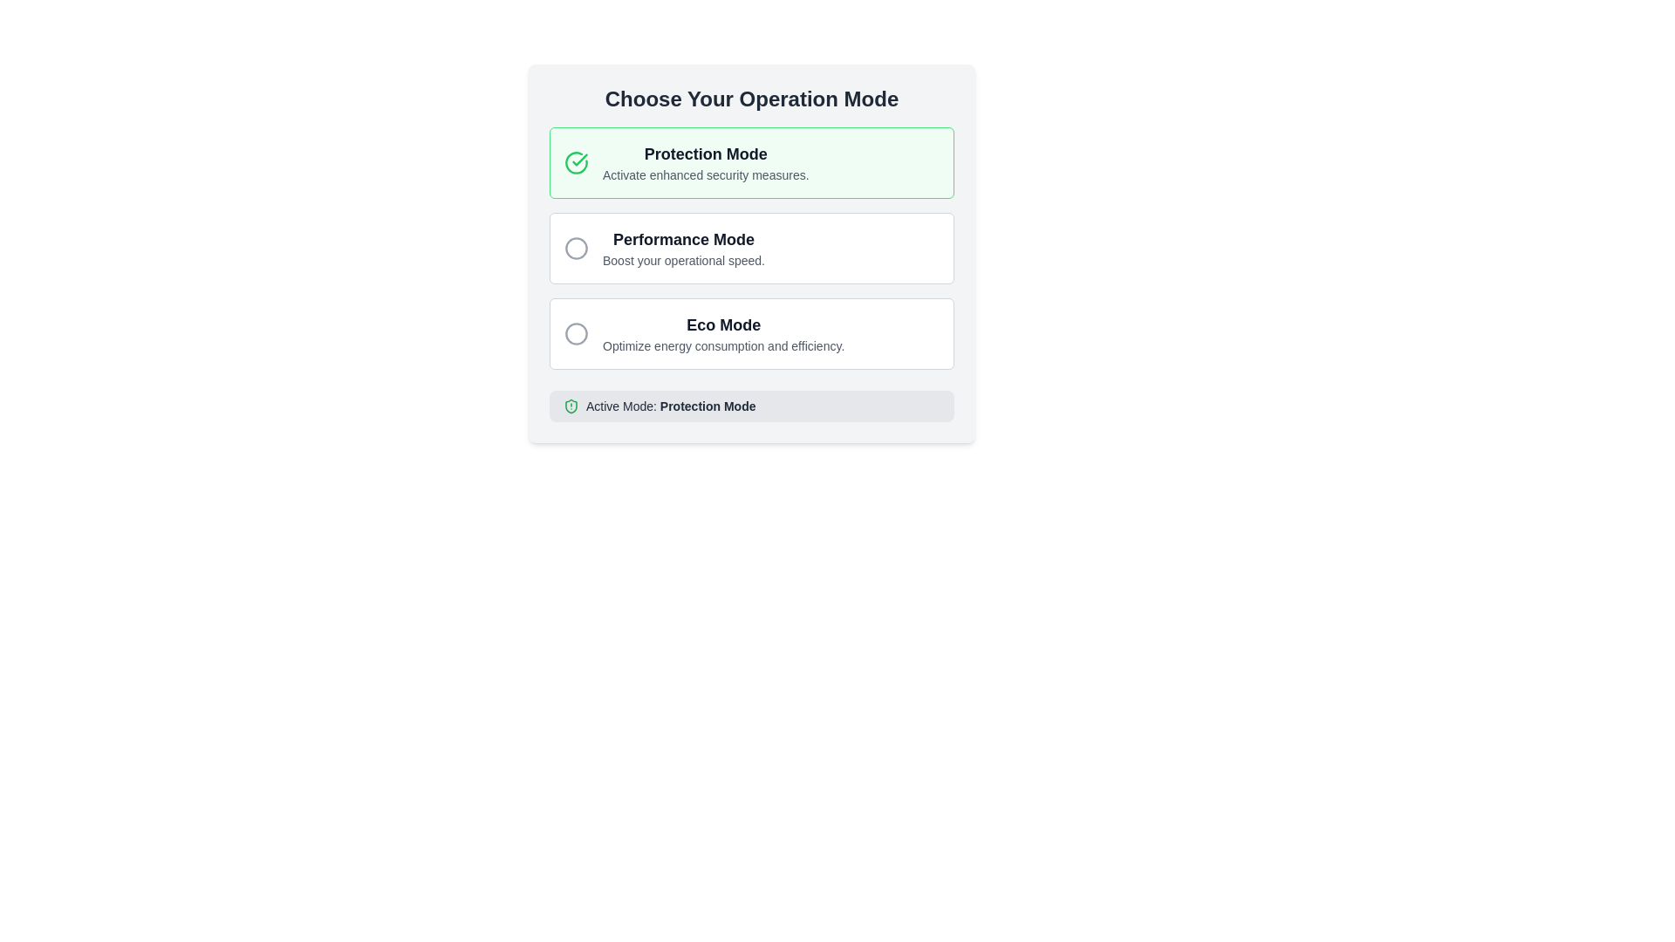 Image resolution: width=1675 pixels, height=942 pixels. What do you see at coordinates (577, 333) in the screenshot?
I see `the selectable circle indicator for the 'Eco Mode' option` at bounding box center [577, 333].